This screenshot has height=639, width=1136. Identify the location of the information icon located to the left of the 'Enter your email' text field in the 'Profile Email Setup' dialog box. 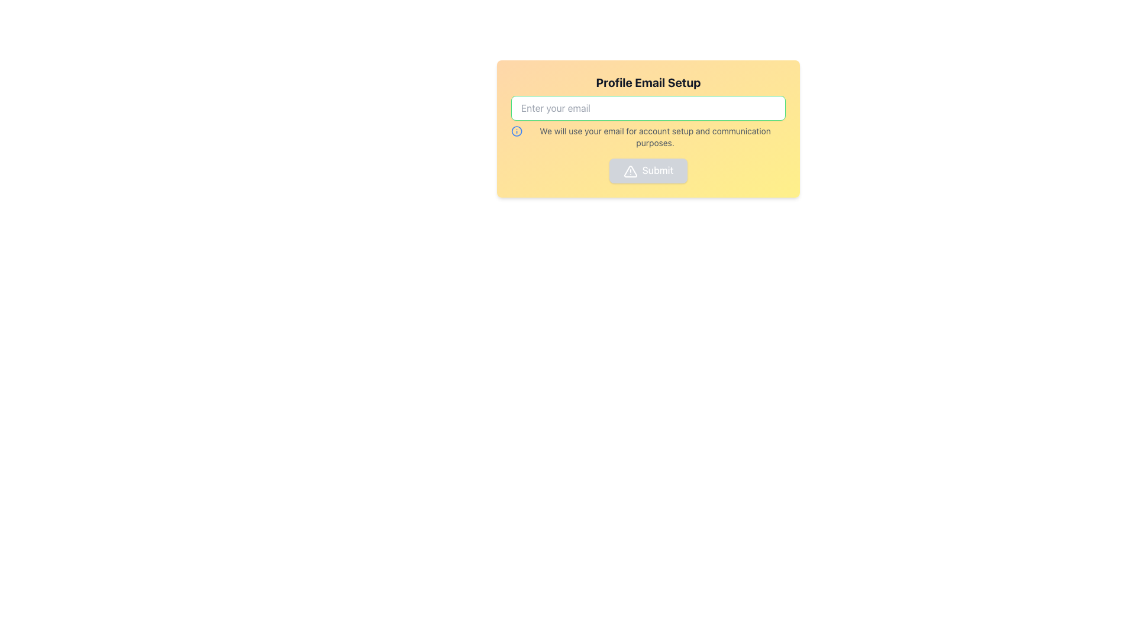
(517, 131).